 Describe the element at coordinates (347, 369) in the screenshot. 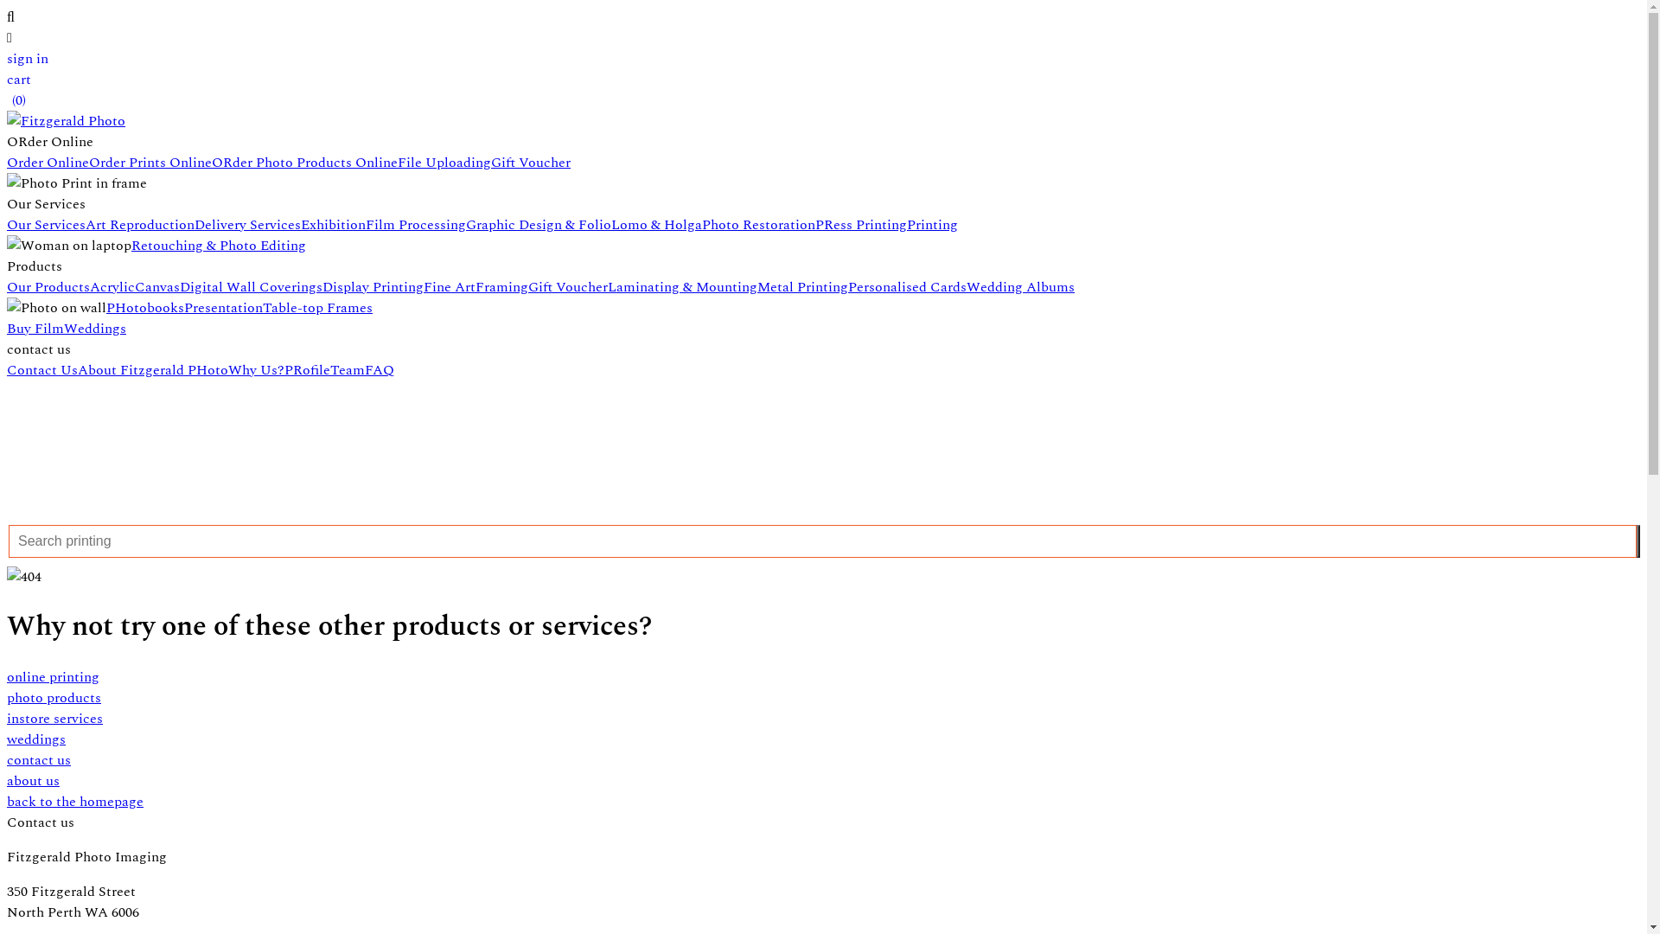

I see `'Team'` at that location.